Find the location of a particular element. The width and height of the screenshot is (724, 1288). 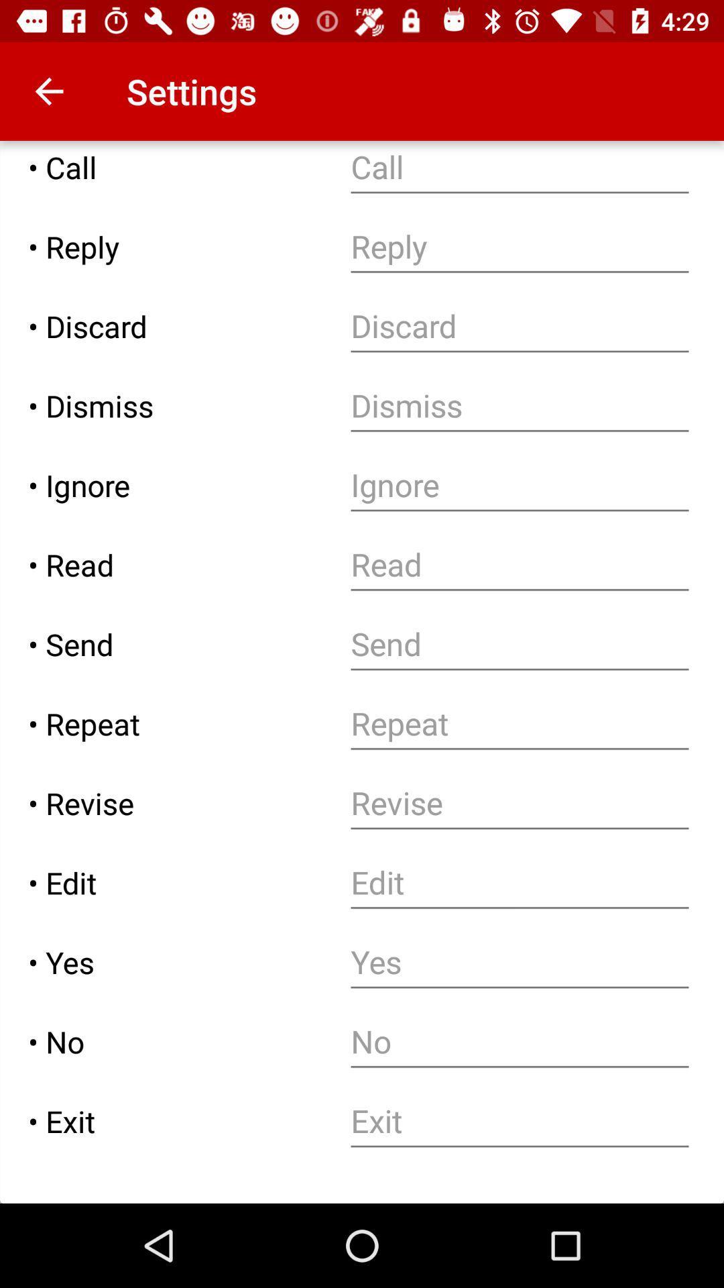

text input box is located at coordinates (519, 883).